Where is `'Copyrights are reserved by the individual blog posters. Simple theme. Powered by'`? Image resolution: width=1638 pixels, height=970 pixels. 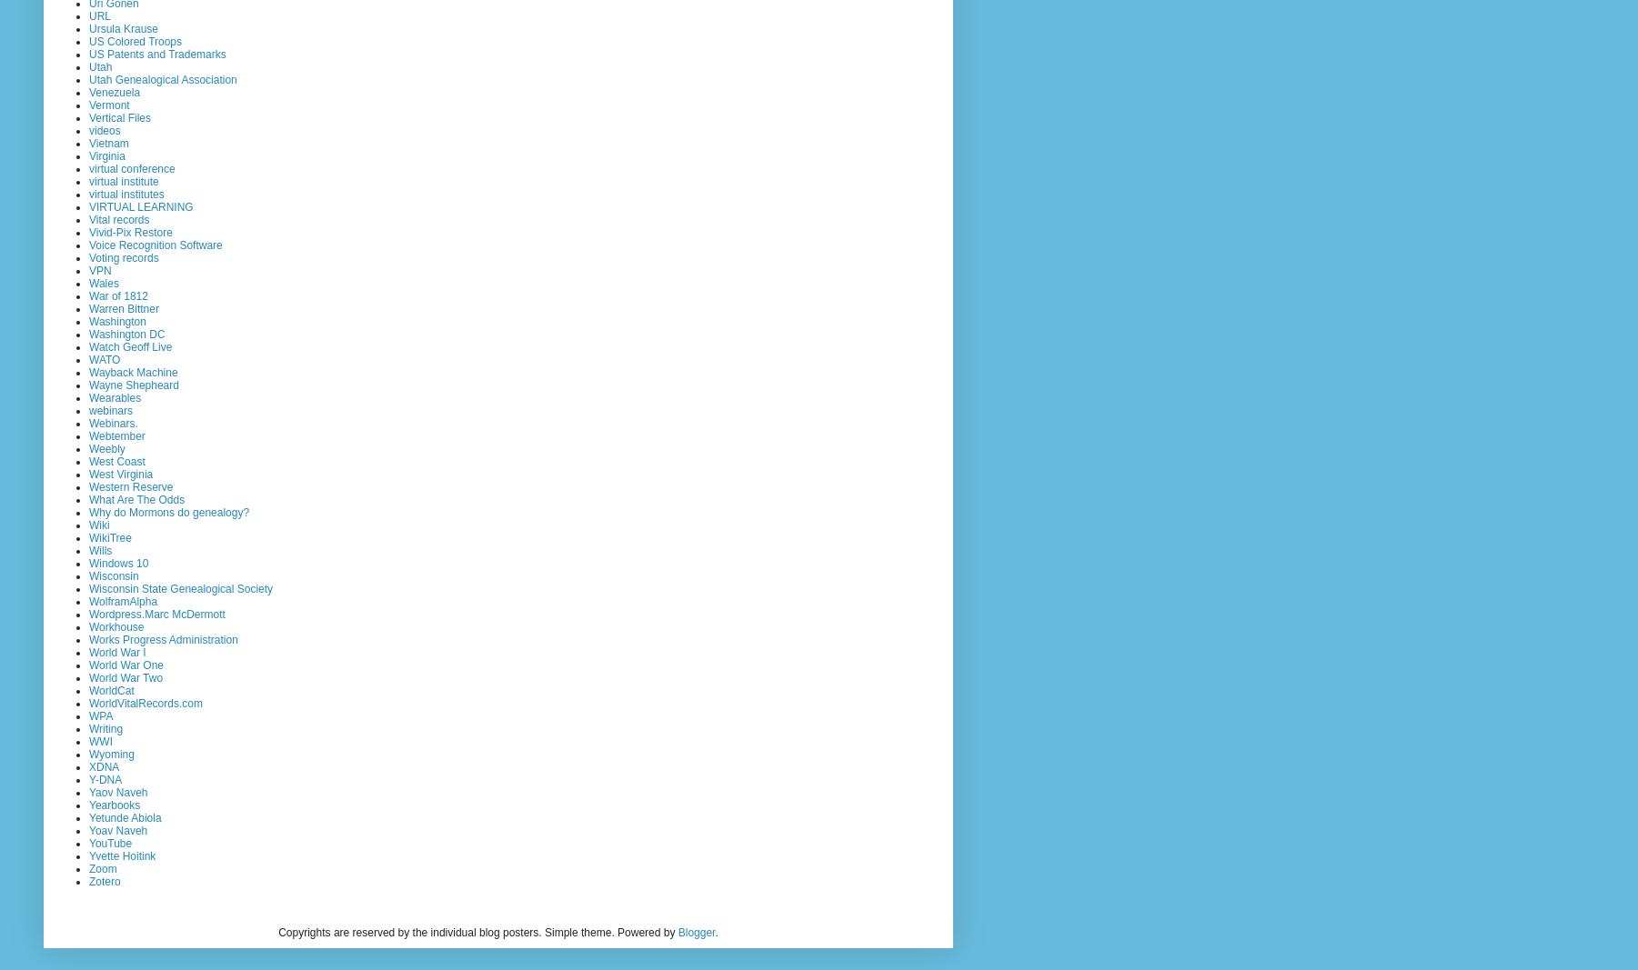
'Copyrights are reserved by the individual blog posters. Simple theme. Powered by' is located at coordinates (477, 931).